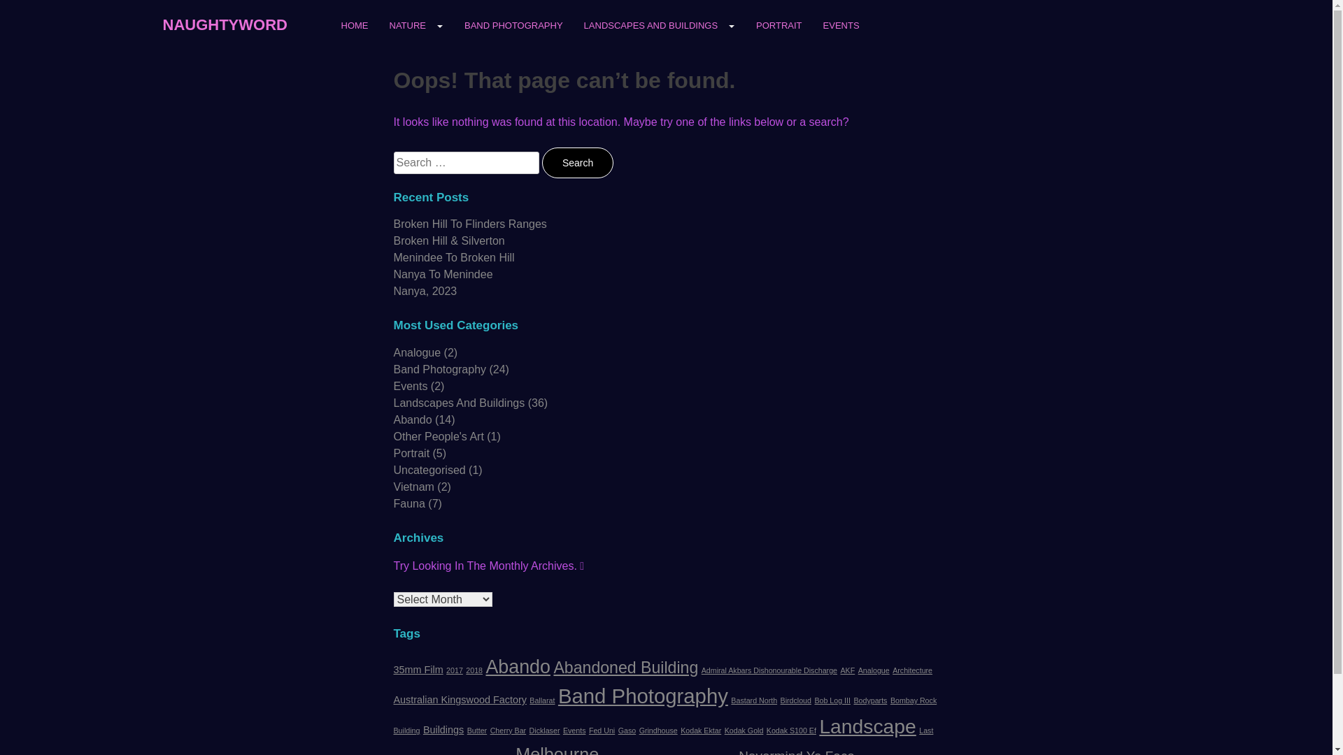 The image size is (1343, 755). What do you see at coordinates (730, 700) in the screenshot?
I see `'Bastard North'` at bounding box center [730, 700].